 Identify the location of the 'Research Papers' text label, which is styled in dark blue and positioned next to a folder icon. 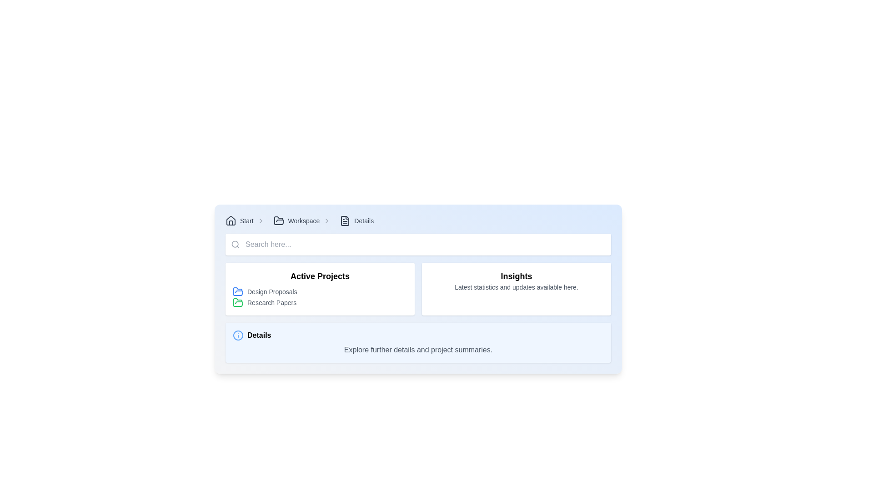
(271, 303).